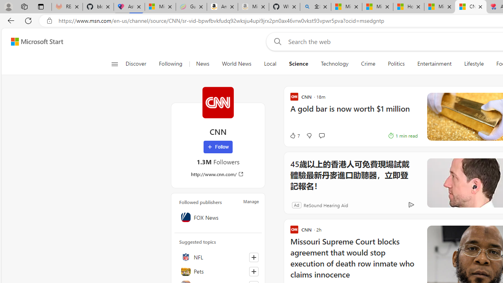  What do you see at coordinates (253, 271) in the screenshot?
I see `'Follow this topic'` at bounding box center [253, 271].